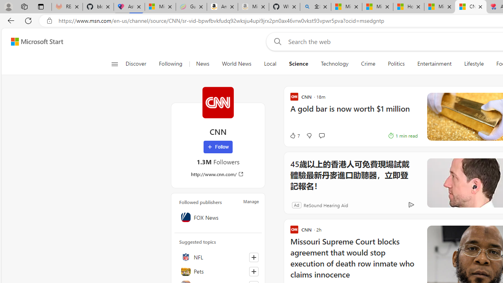  What do you see at coordinates (253, 271) in the screenshot?
I see `'Follow this topic'` at bounding box center [253, 271].